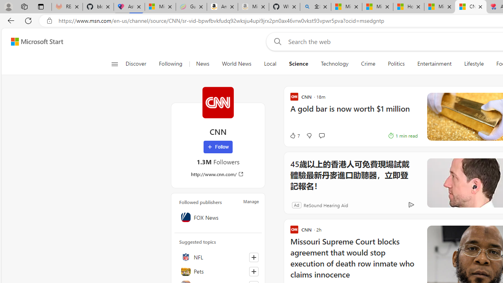  What do you see at coordinates (253, 271) in the screenshot?
I see `'Follow this topic'` at bounding box center [253, 271].